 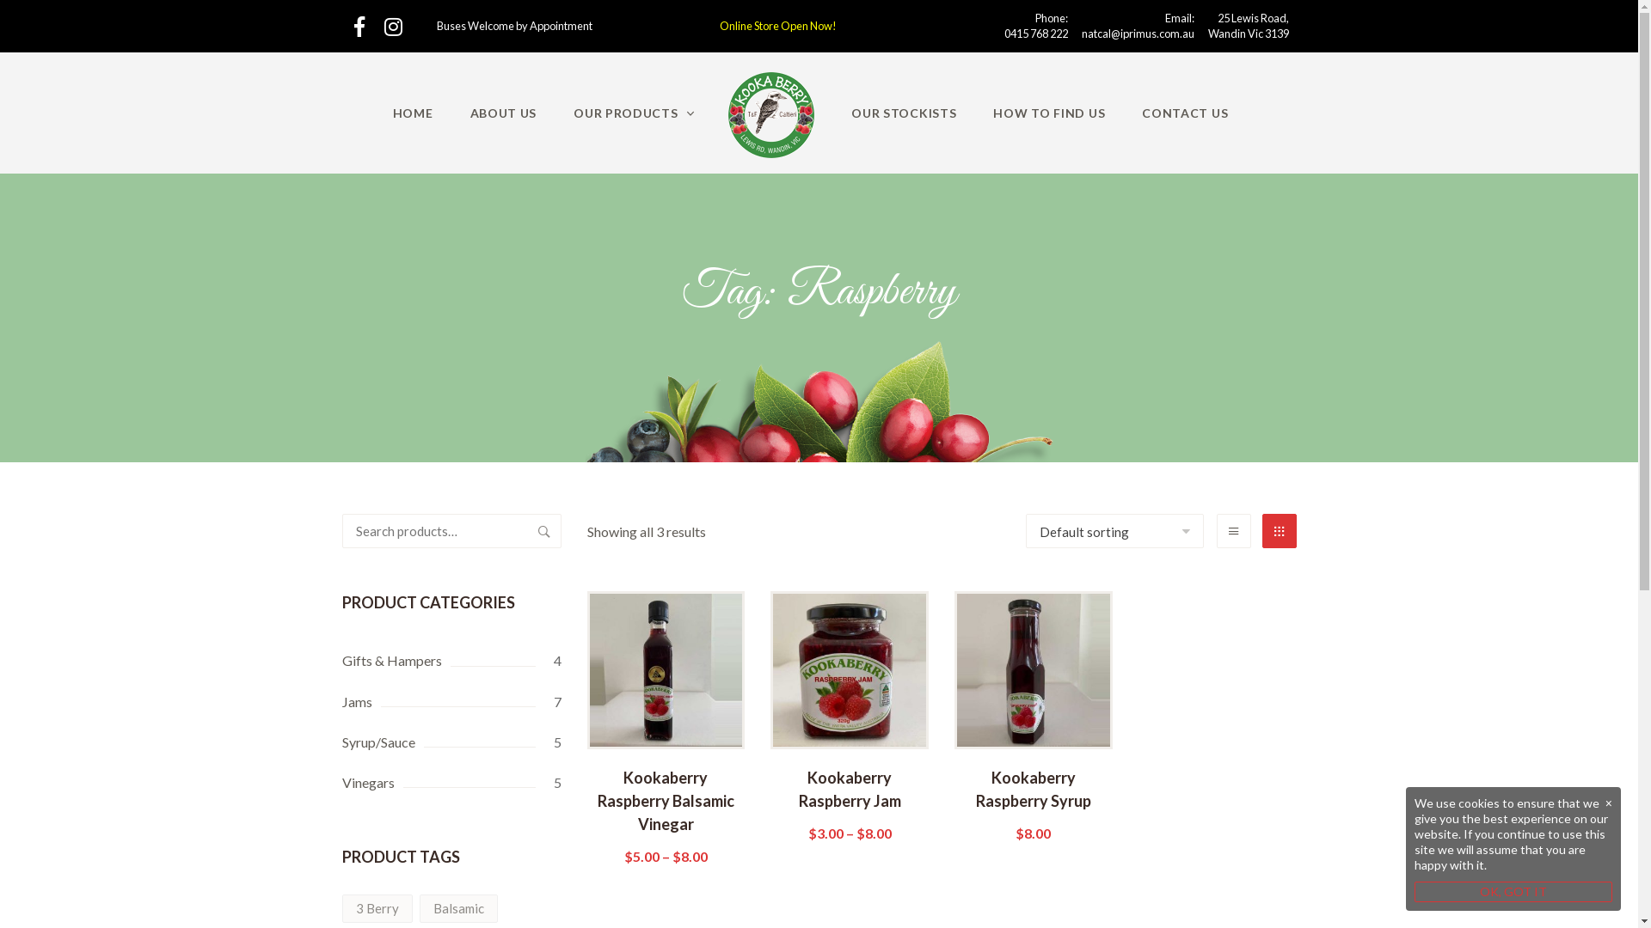 I want to click on 'Kookaberry Raspberry Jam', so click(x=850, y=803).